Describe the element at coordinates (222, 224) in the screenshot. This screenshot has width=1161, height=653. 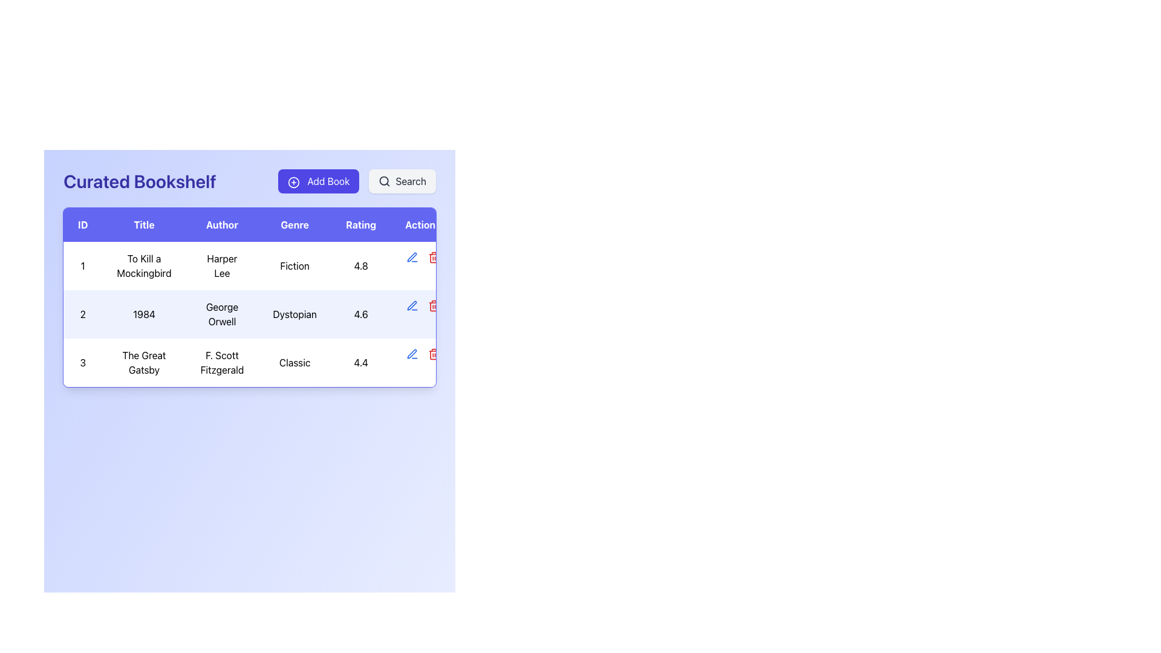
I see `the 'Author' column header cell in the table, which is the third header located between 'Title' and 'Genre'` at that location.